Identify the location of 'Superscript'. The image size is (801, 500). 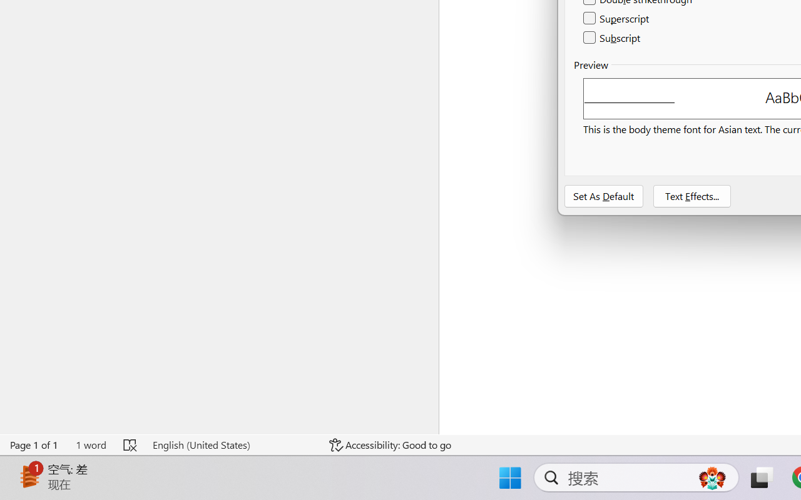
(617, 19).